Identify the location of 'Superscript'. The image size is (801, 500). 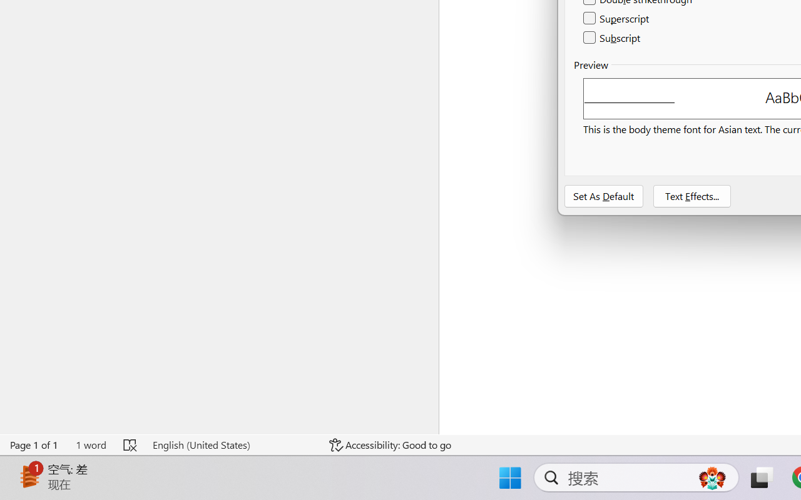
(617, 19).